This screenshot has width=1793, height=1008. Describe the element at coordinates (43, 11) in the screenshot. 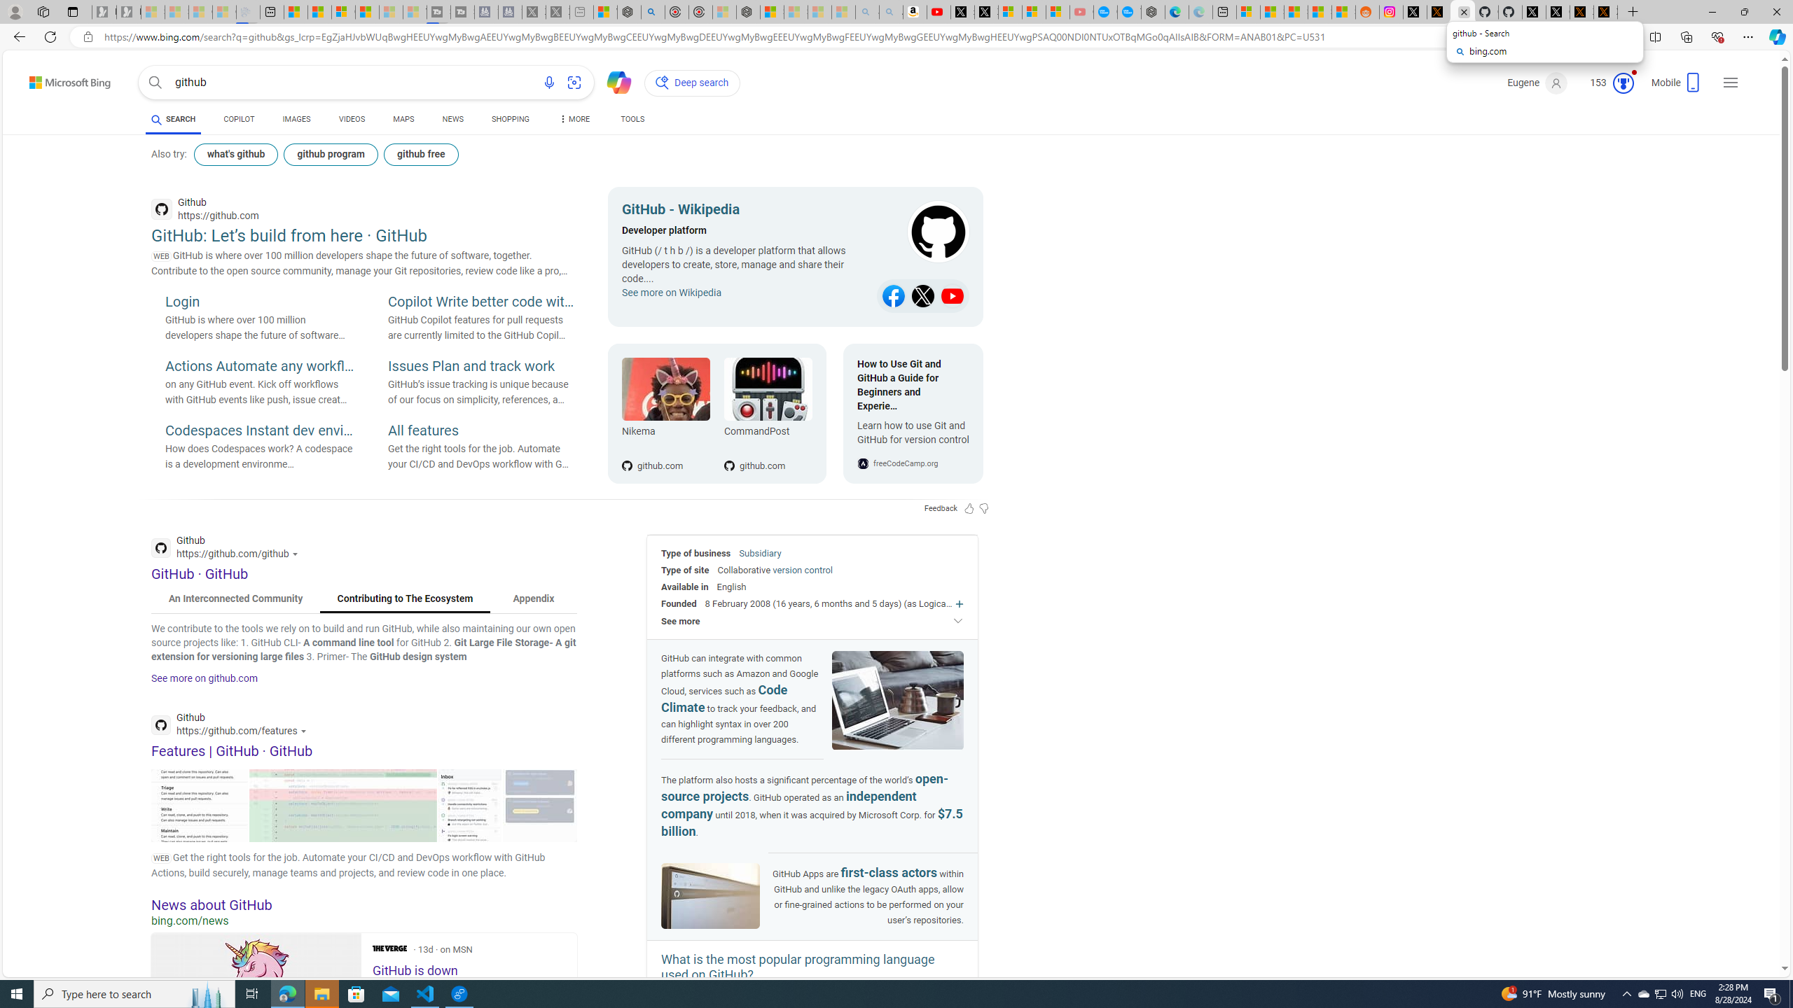

I see `'Workspaces'` at that location.